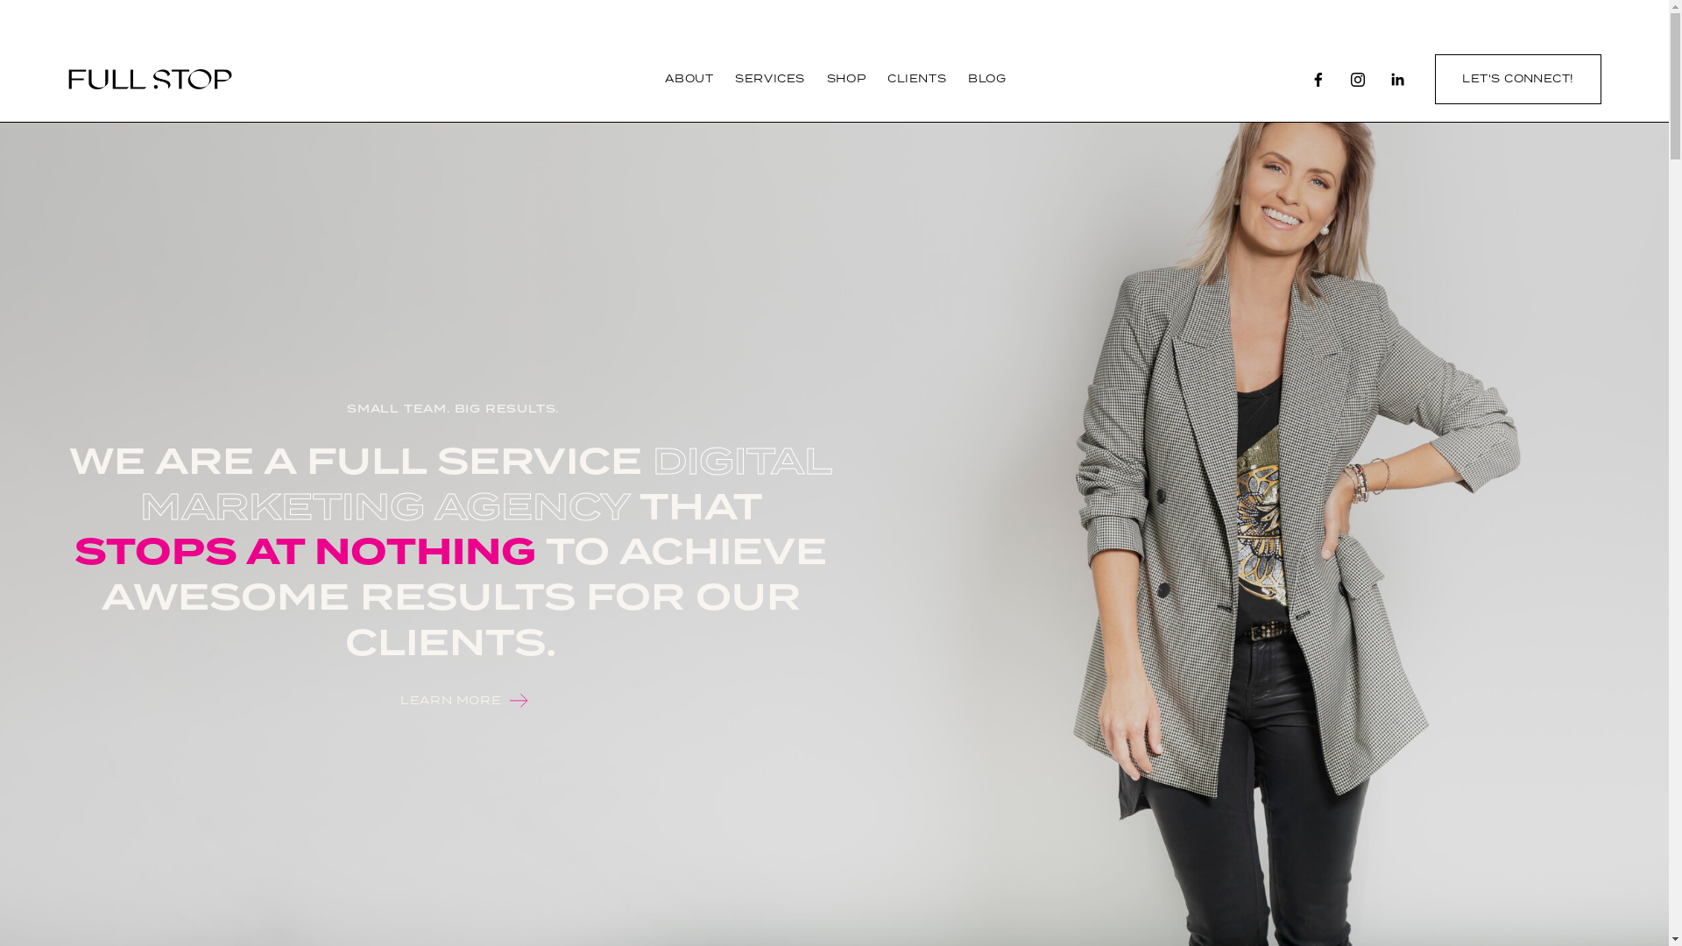  I want to click on 'ABOUT', so click(688, 80).